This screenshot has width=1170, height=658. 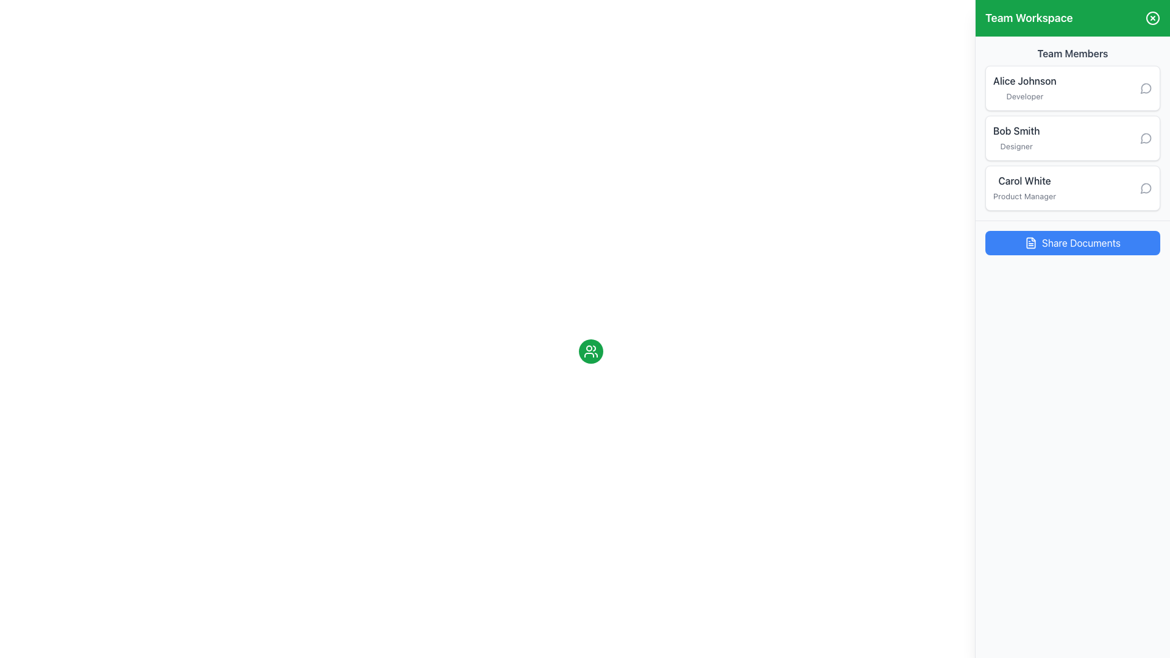 What do you see at coordinates (1024, 88) in the screenshot?
I see `the displayed information for the Multi-line text block identifying a team member at the top of the 'Team Members' section in the sidebar` at bounding box center [1024, 88].